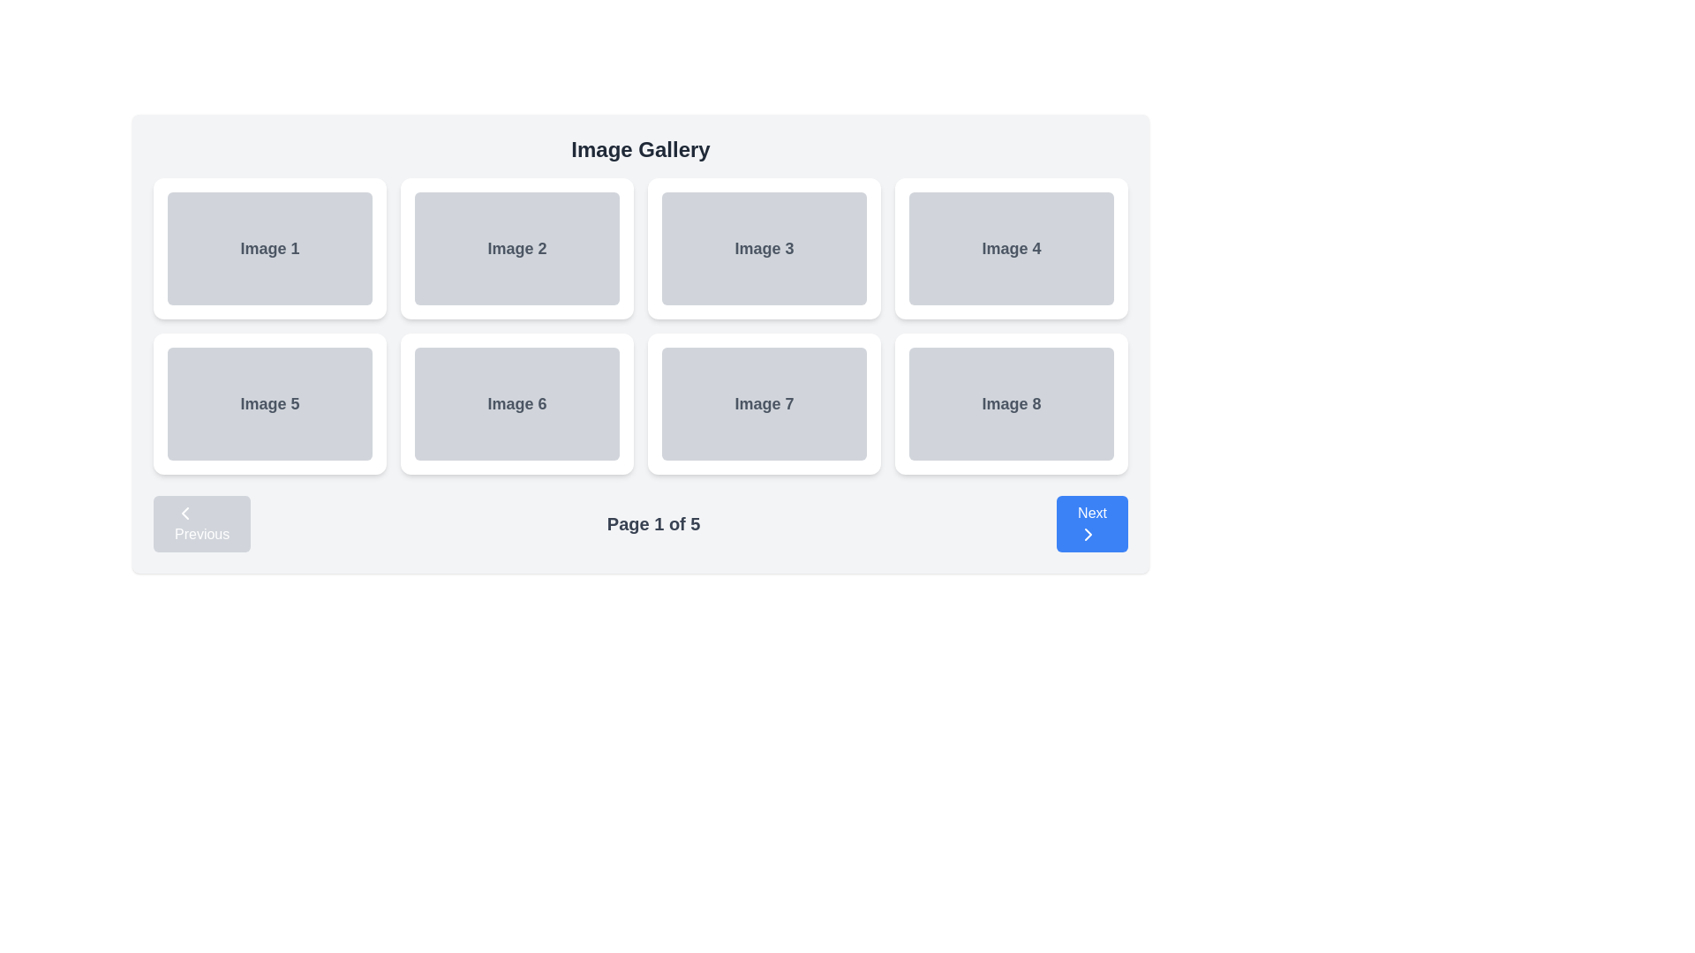  Describe the element at coordinates (516, 248) in the screenshot. I see `the display card in the top row, second column of the grid layout` at that location.